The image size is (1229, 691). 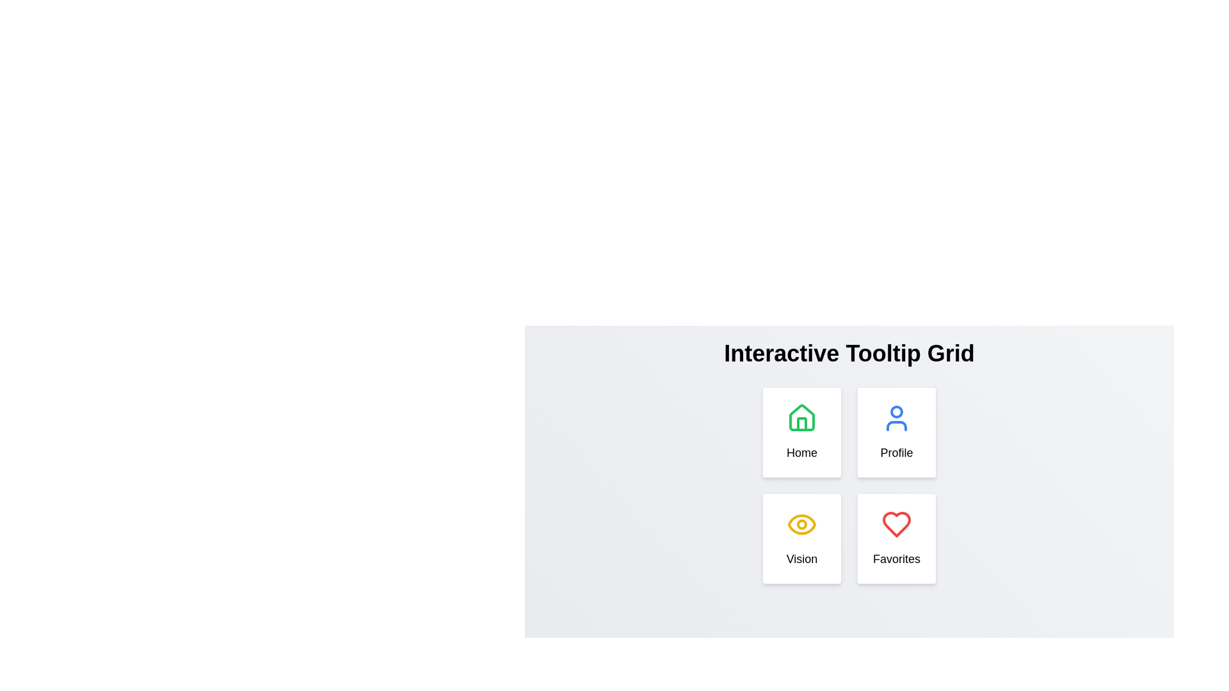 I want to click on the blue user profile icon located at the top center of the rectangular card labeled 'Profile' in the second column of the first row within a 2x2 grid layout, so click(x=896, y=418).